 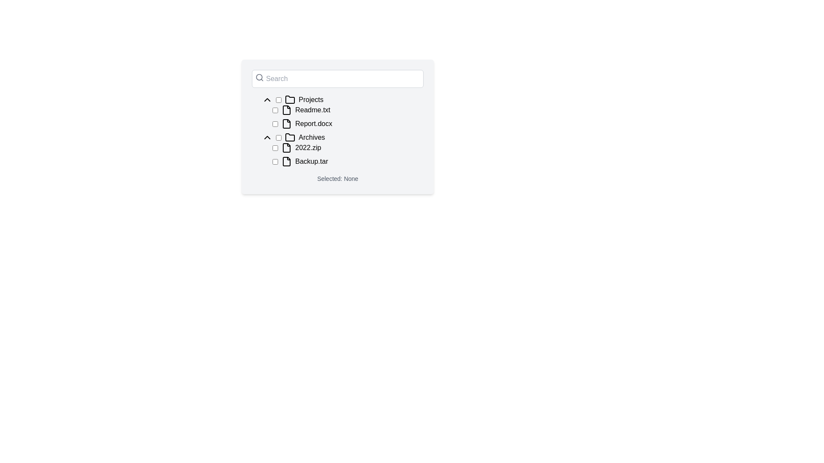 I want to click on the 'Backup.tar' file label, so click(x=311, y=162).